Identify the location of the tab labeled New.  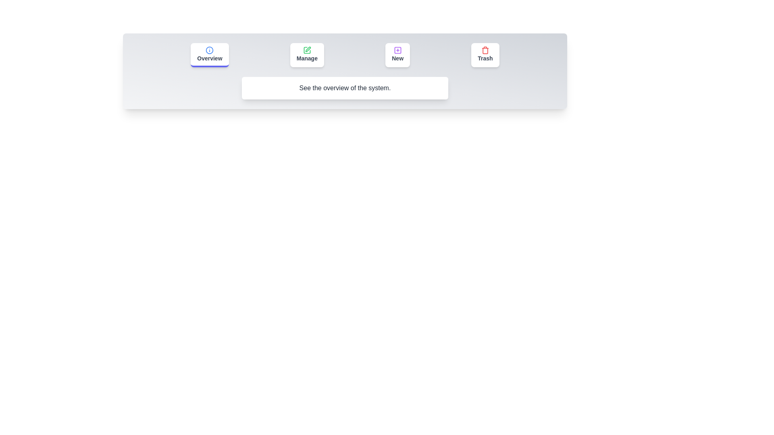
(397, 55).